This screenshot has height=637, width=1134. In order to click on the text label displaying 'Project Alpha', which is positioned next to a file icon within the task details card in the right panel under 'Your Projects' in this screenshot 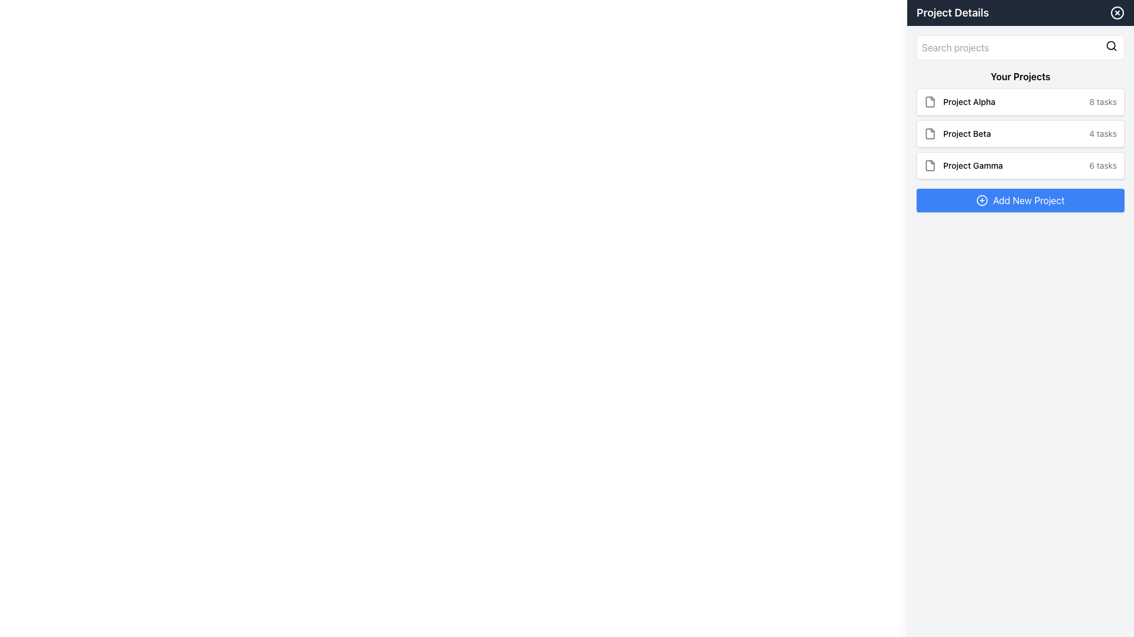, I will do `click(960, 101)`.